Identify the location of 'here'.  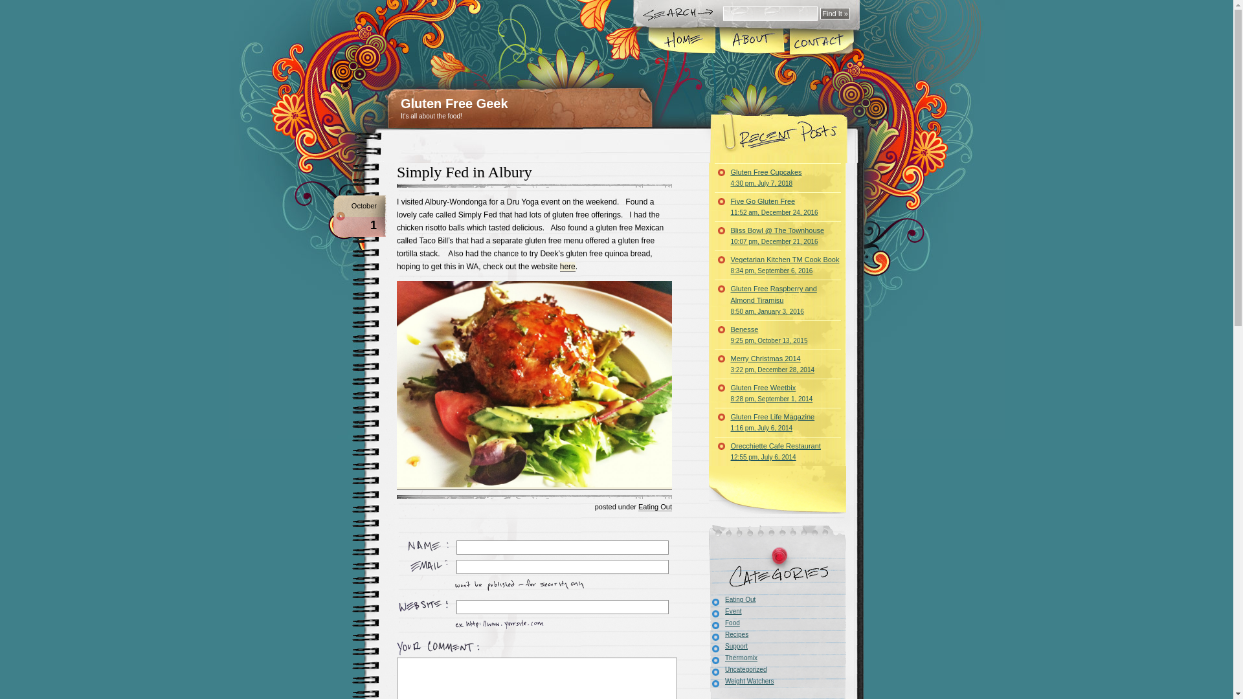
(559, 266).